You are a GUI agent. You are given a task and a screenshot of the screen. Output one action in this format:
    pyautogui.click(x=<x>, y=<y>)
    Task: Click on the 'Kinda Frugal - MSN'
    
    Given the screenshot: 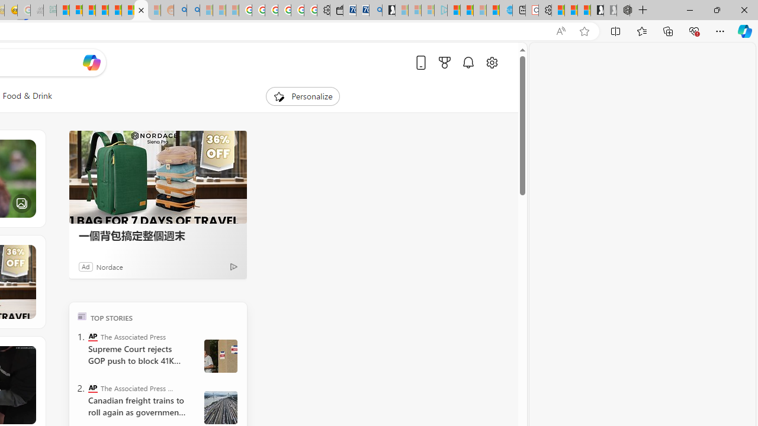 What is the action you would take?
    pyautogui.click(x=128, y=10)
    